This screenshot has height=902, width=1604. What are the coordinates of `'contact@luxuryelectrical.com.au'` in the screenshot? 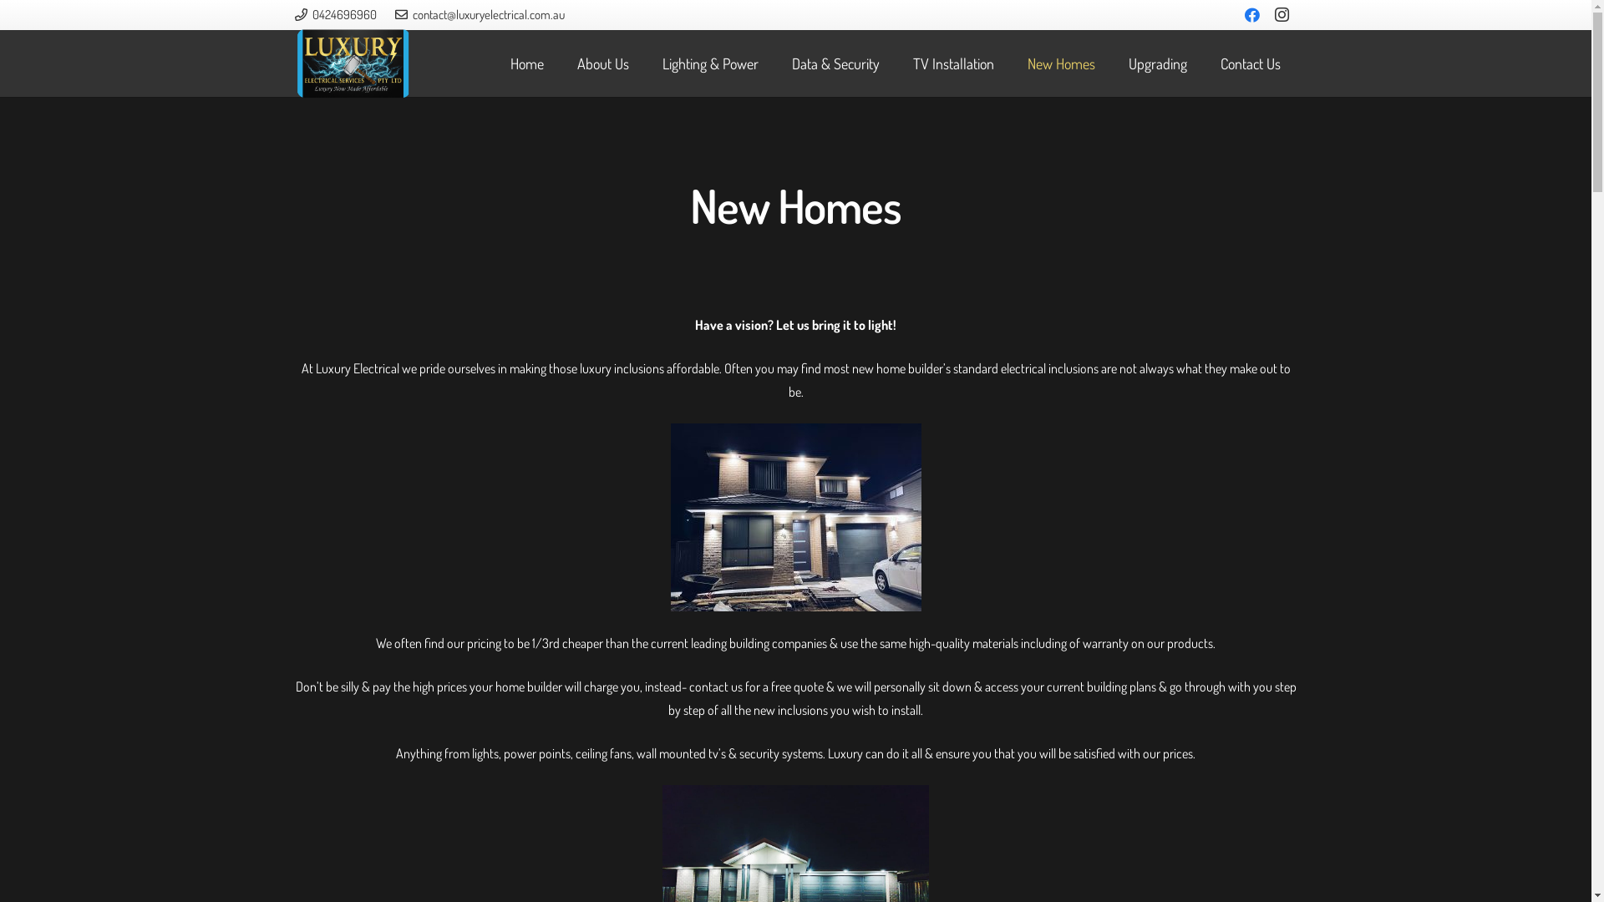 It's located at (394, 14).